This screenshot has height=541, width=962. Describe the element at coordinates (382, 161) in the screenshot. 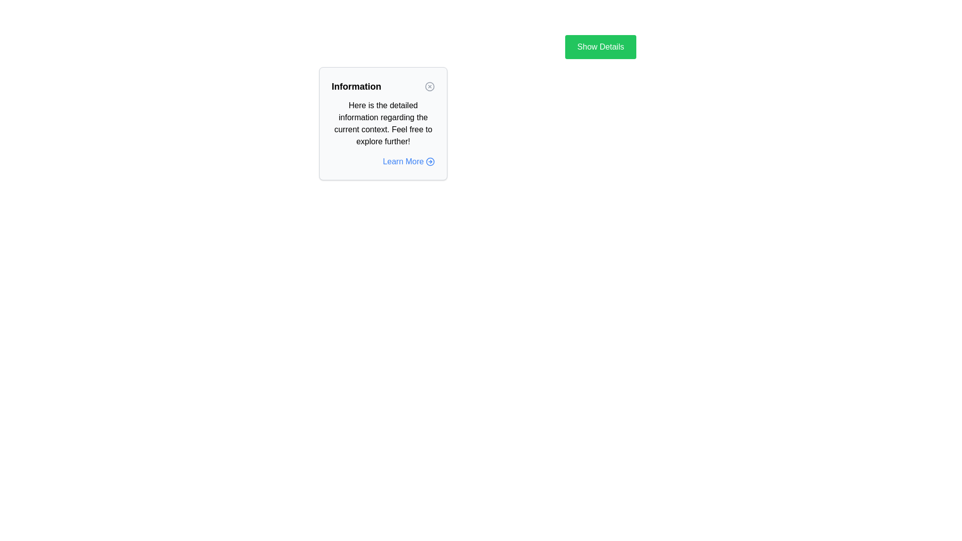

I see `the 'Learn More' link with the blue text and arrow icon in the bottom-right of the 'Information' popup` at that location.